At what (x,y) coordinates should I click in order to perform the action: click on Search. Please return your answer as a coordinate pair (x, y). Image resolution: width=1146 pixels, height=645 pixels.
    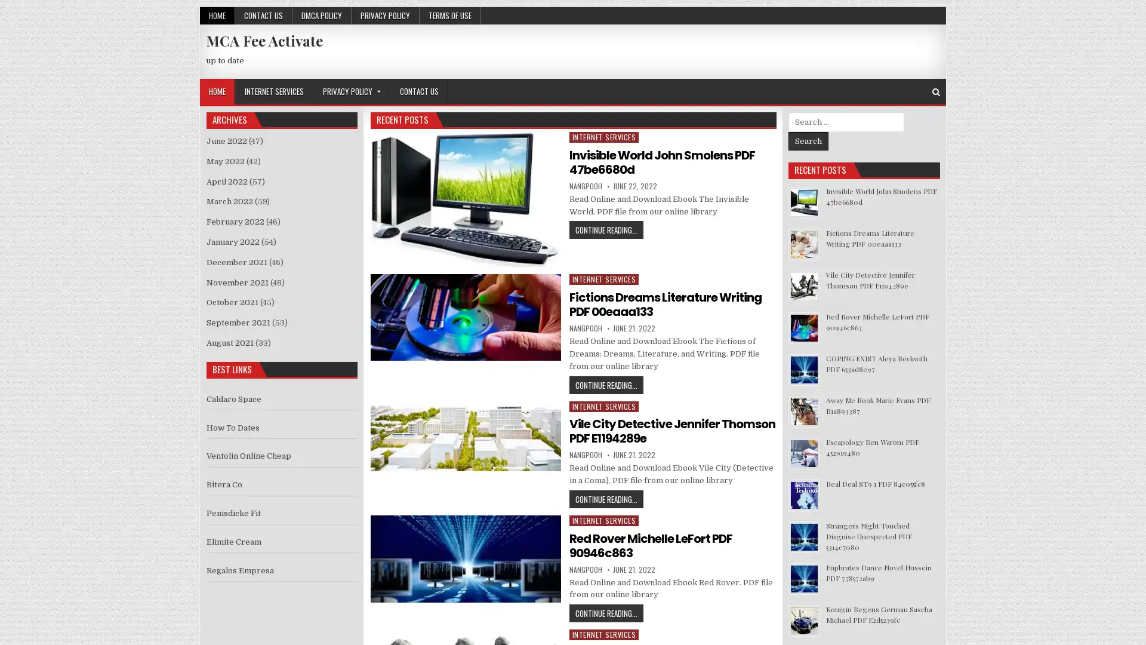
    Looking at the image, I should click on (808, 140).